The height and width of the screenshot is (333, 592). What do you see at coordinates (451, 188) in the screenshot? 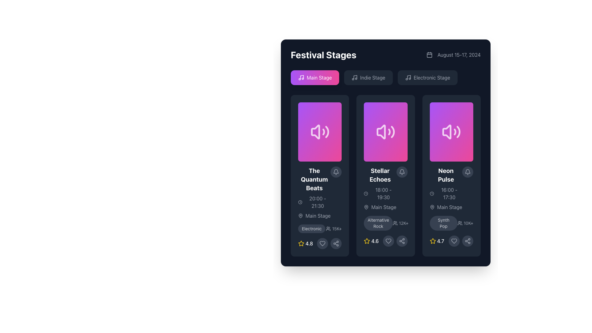
I see `the informational label component for the event 'Neon Pulse' to interact with adjacent elements` at bounding box center [451, 188].